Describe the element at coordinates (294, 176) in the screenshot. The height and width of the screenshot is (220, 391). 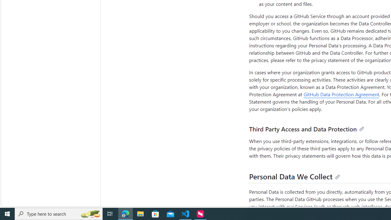
I see `'Personal Data We Collect'` at that location.